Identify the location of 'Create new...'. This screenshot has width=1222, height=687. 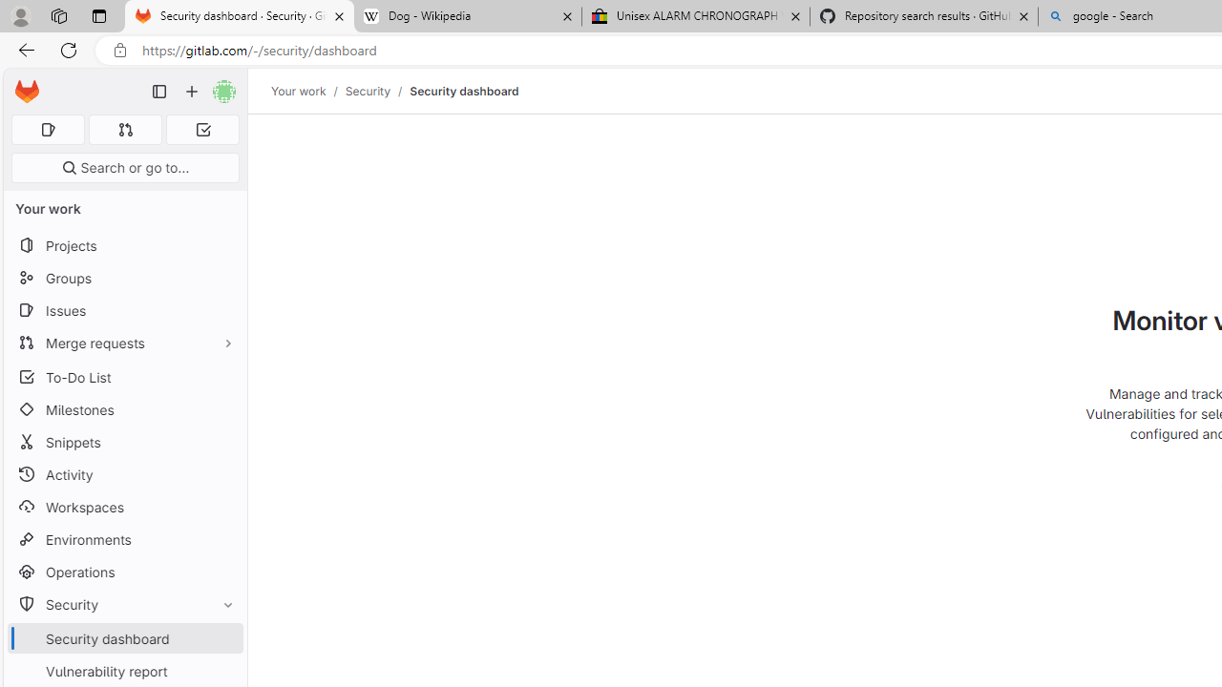
(192, 92).